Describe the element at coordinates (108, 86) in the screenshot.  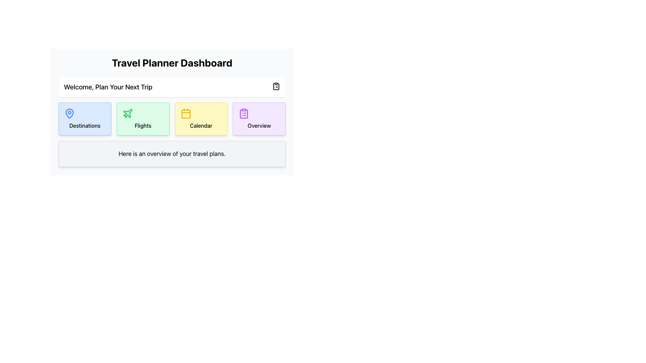
I see `the welcoming message text element located near the top-left corner of the dashboard interface, which introduces the user to the functionality of the dashboard` at that location.